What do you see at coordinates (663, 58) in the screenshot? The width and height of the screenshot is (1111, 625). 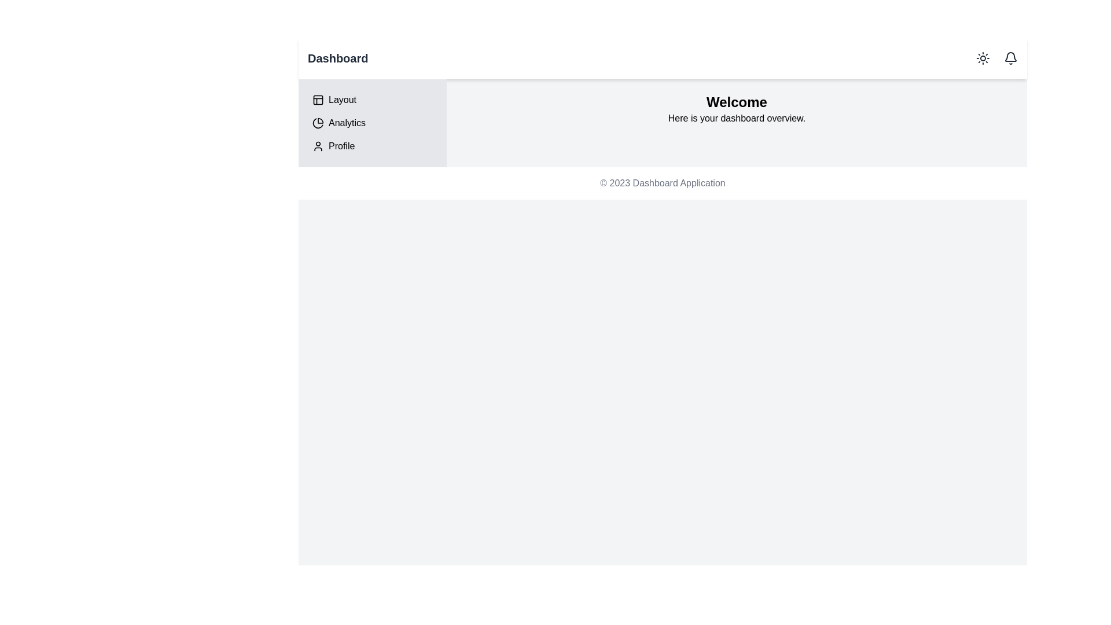 I see `the Navigation Bar at the top of the web page` at bounding box center [663, 58].